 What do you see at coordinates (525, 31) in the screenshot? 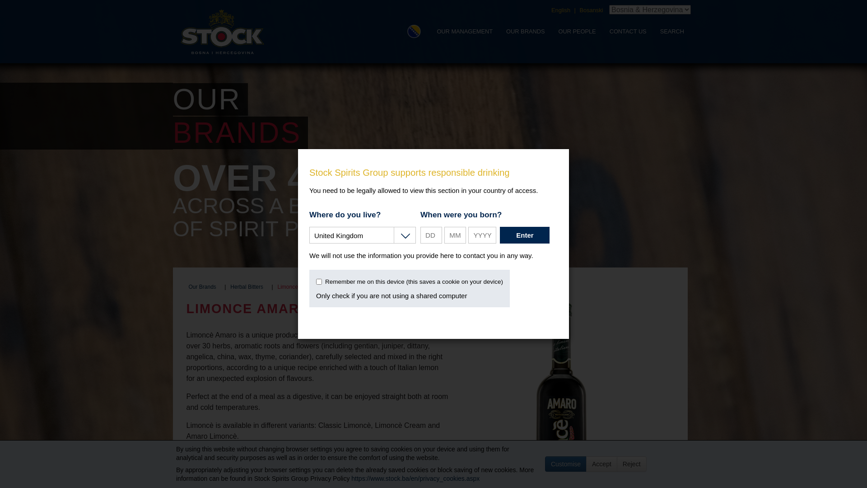
I see `'OUR BRANDS'` at bounding box center [525, 31].